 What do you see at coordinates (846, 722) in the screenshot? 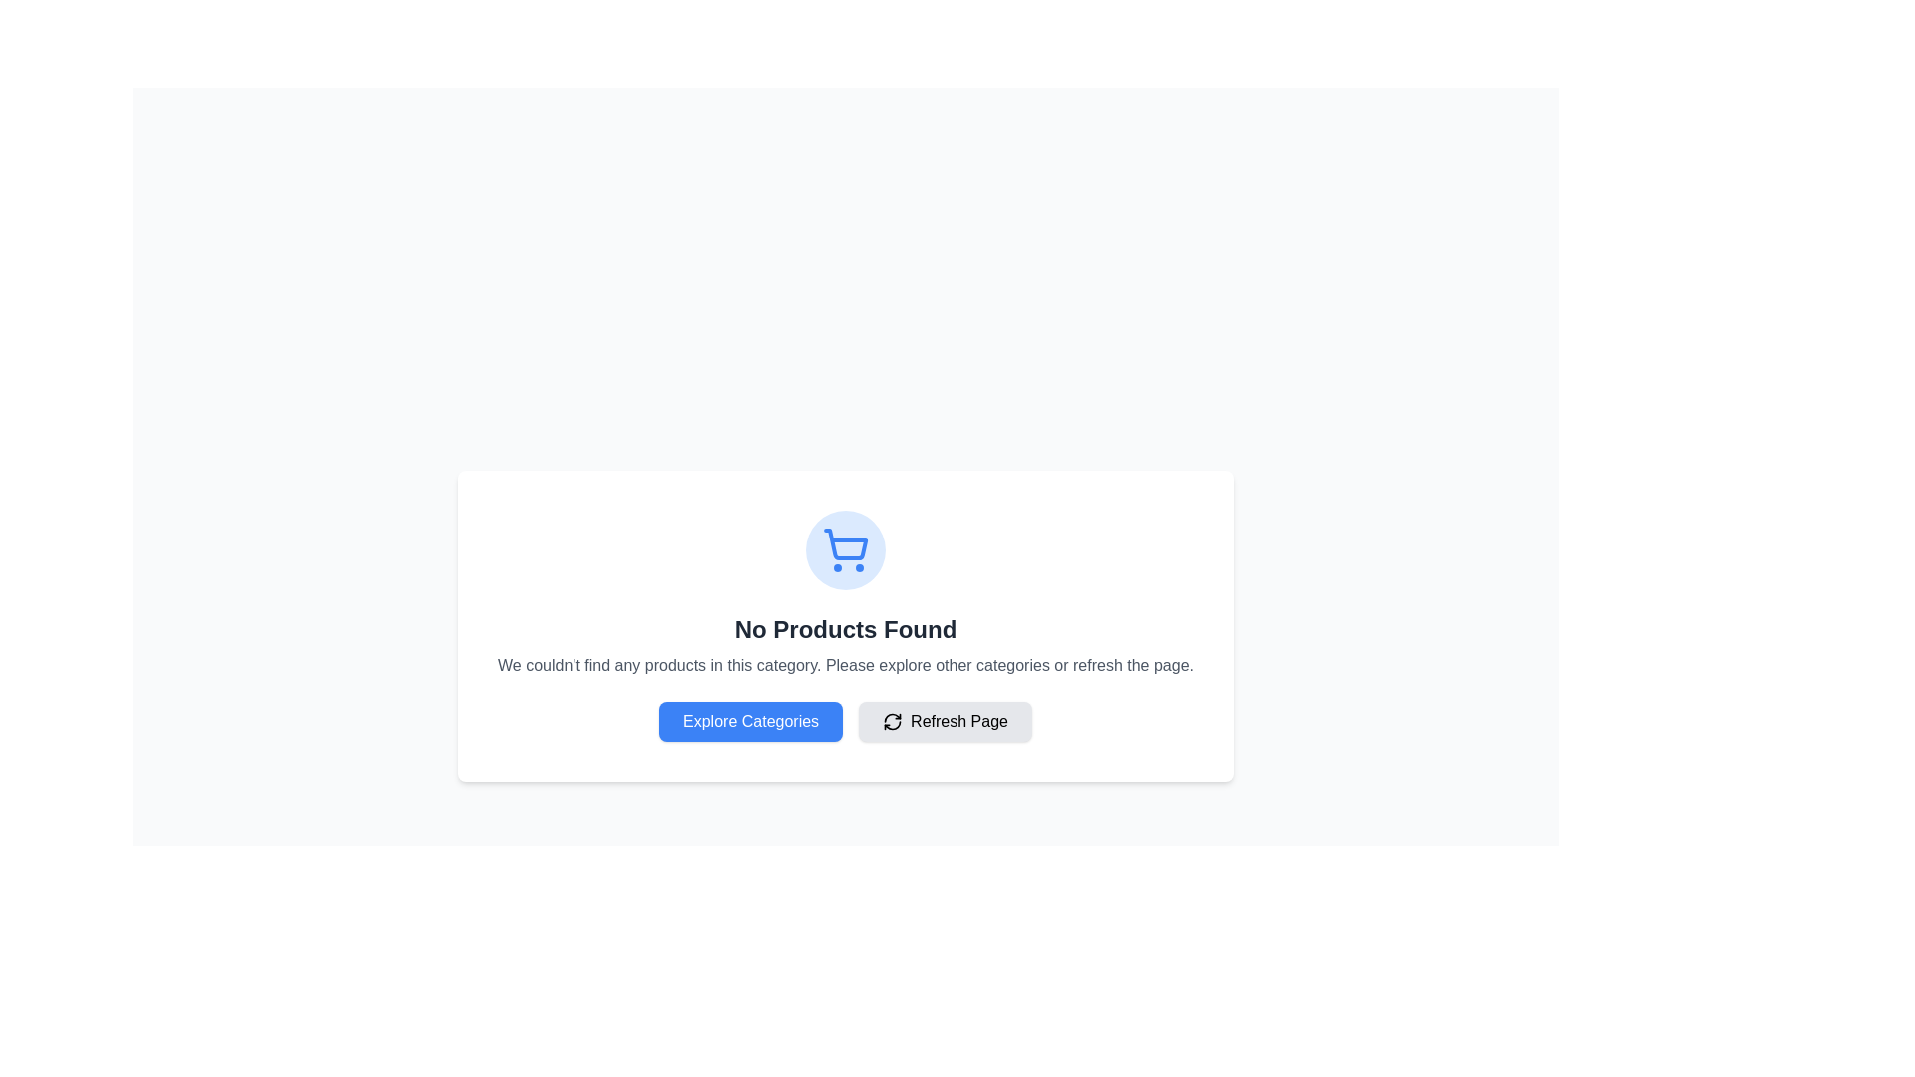
I see `the 'Refresh Page' button in the Interactive Button Group, which is located below the 'No Products Found' heading and description` at bounding box center [846, 722].